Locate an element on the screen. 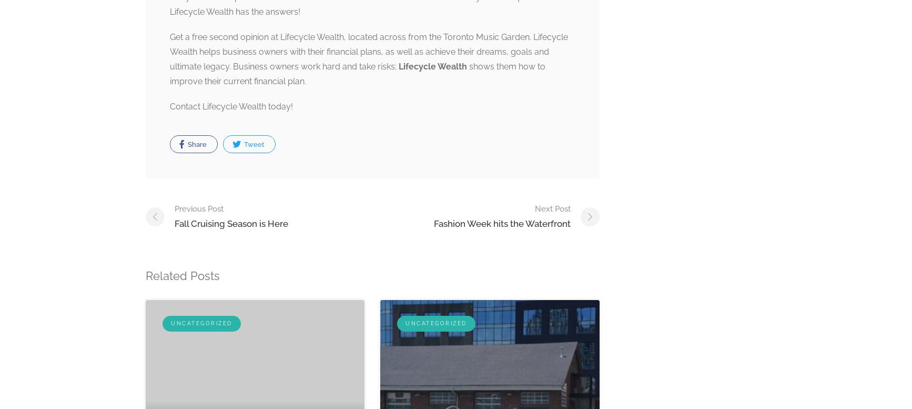 Image resolution: width=912 pixels, height=409 pixels. 'Contact Lifecycle Wealth today!' is located at coordinates (230, 106).